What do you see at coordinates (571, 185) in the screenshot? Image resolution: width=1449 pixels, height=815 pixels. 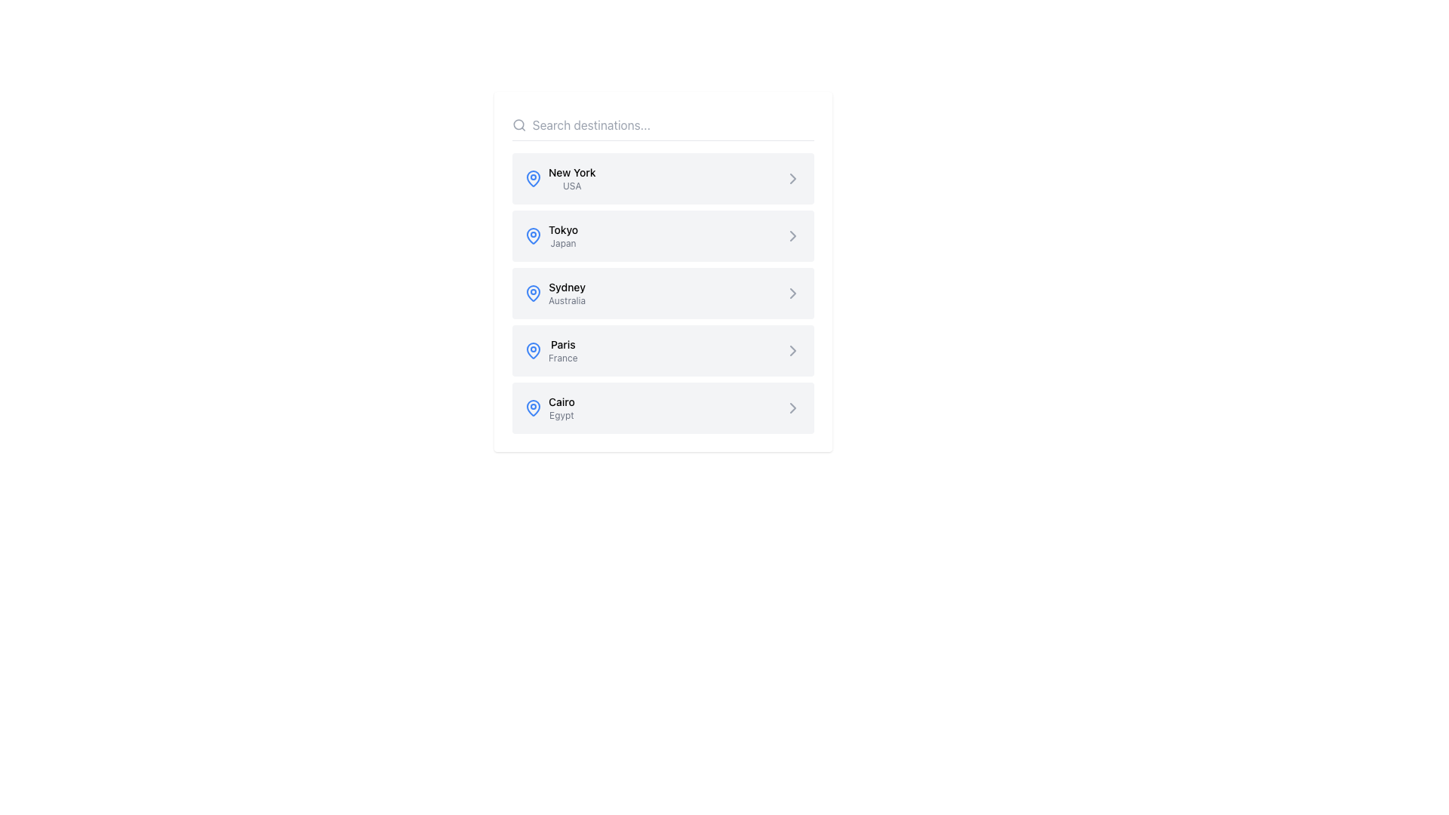 I see `the text label displaying 'USA', which is in small, gray-colored font and located beneath 'New York' in the top-left section of the interface` at bounding box center [571, 185].